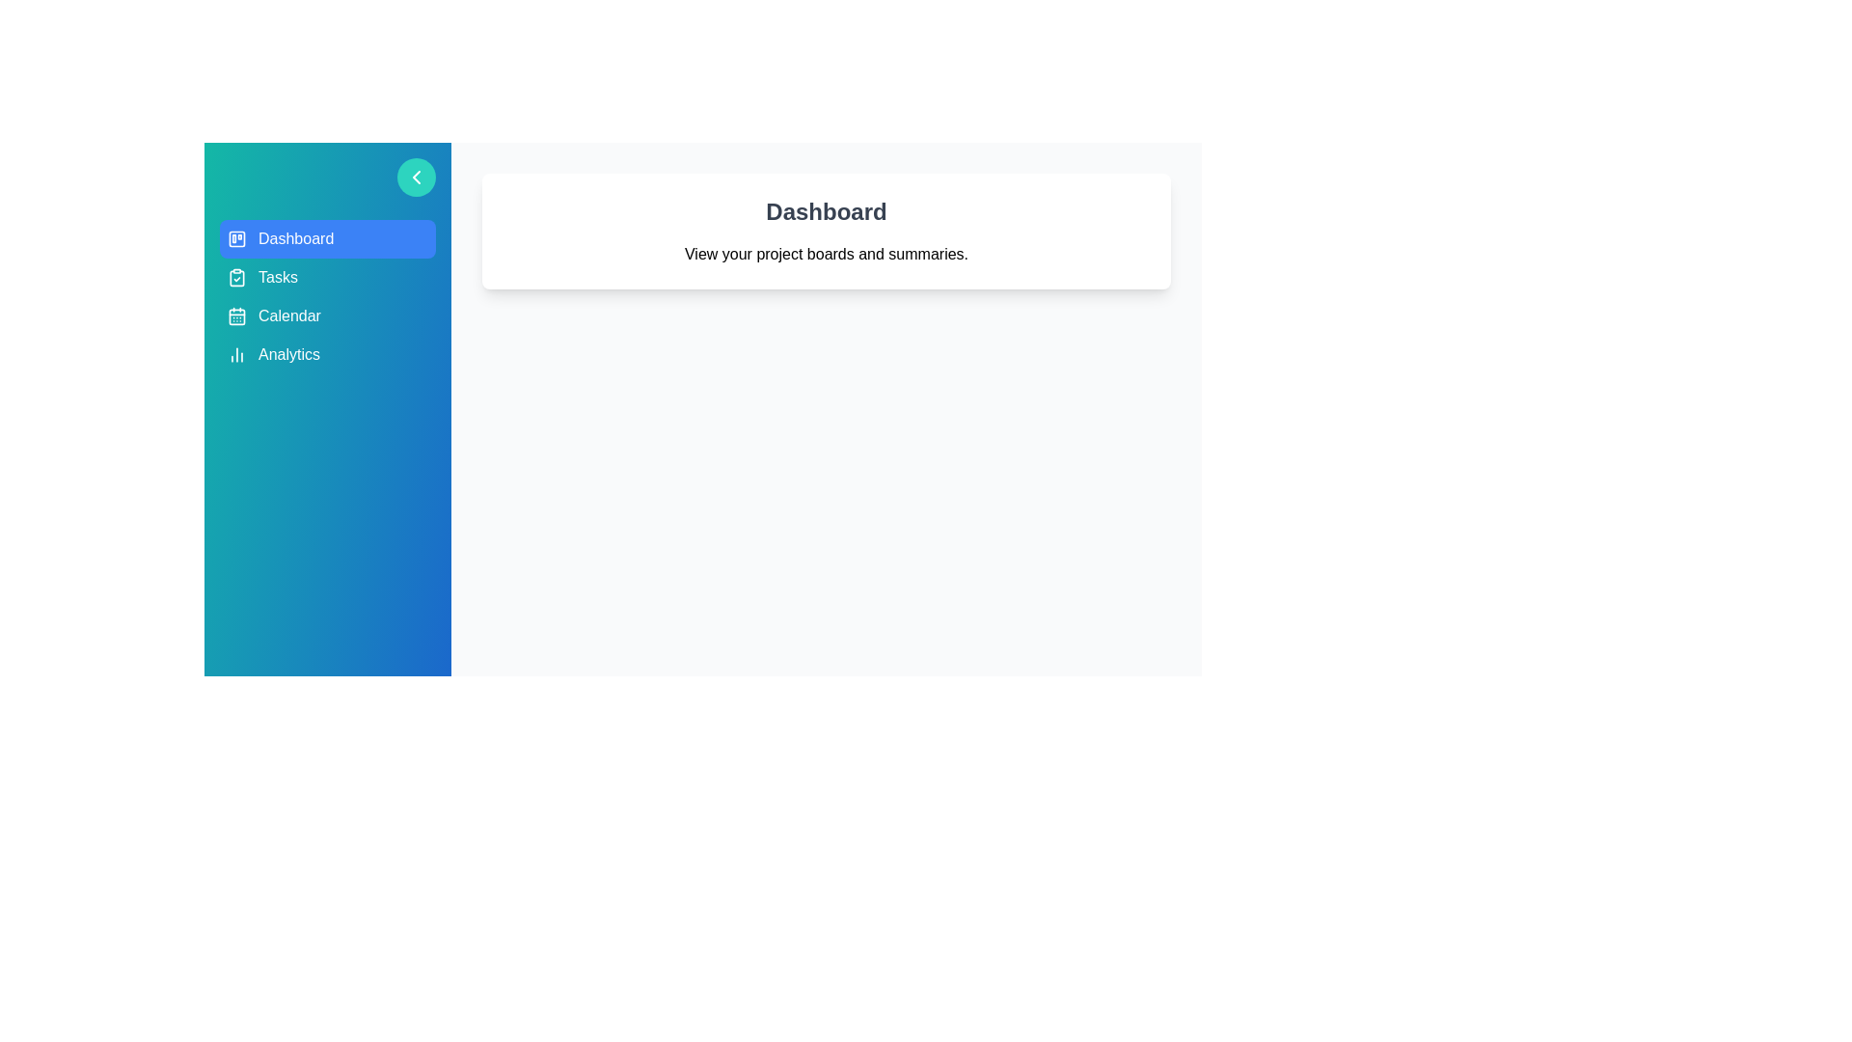 The height and width of the screenshot is (1042, 1852). I want to click on the small vertical bar chart icon located within the 'Analytics' menu item of the sidebar, which is aligned to the left of the text 'Analytics', so click(235, 354).